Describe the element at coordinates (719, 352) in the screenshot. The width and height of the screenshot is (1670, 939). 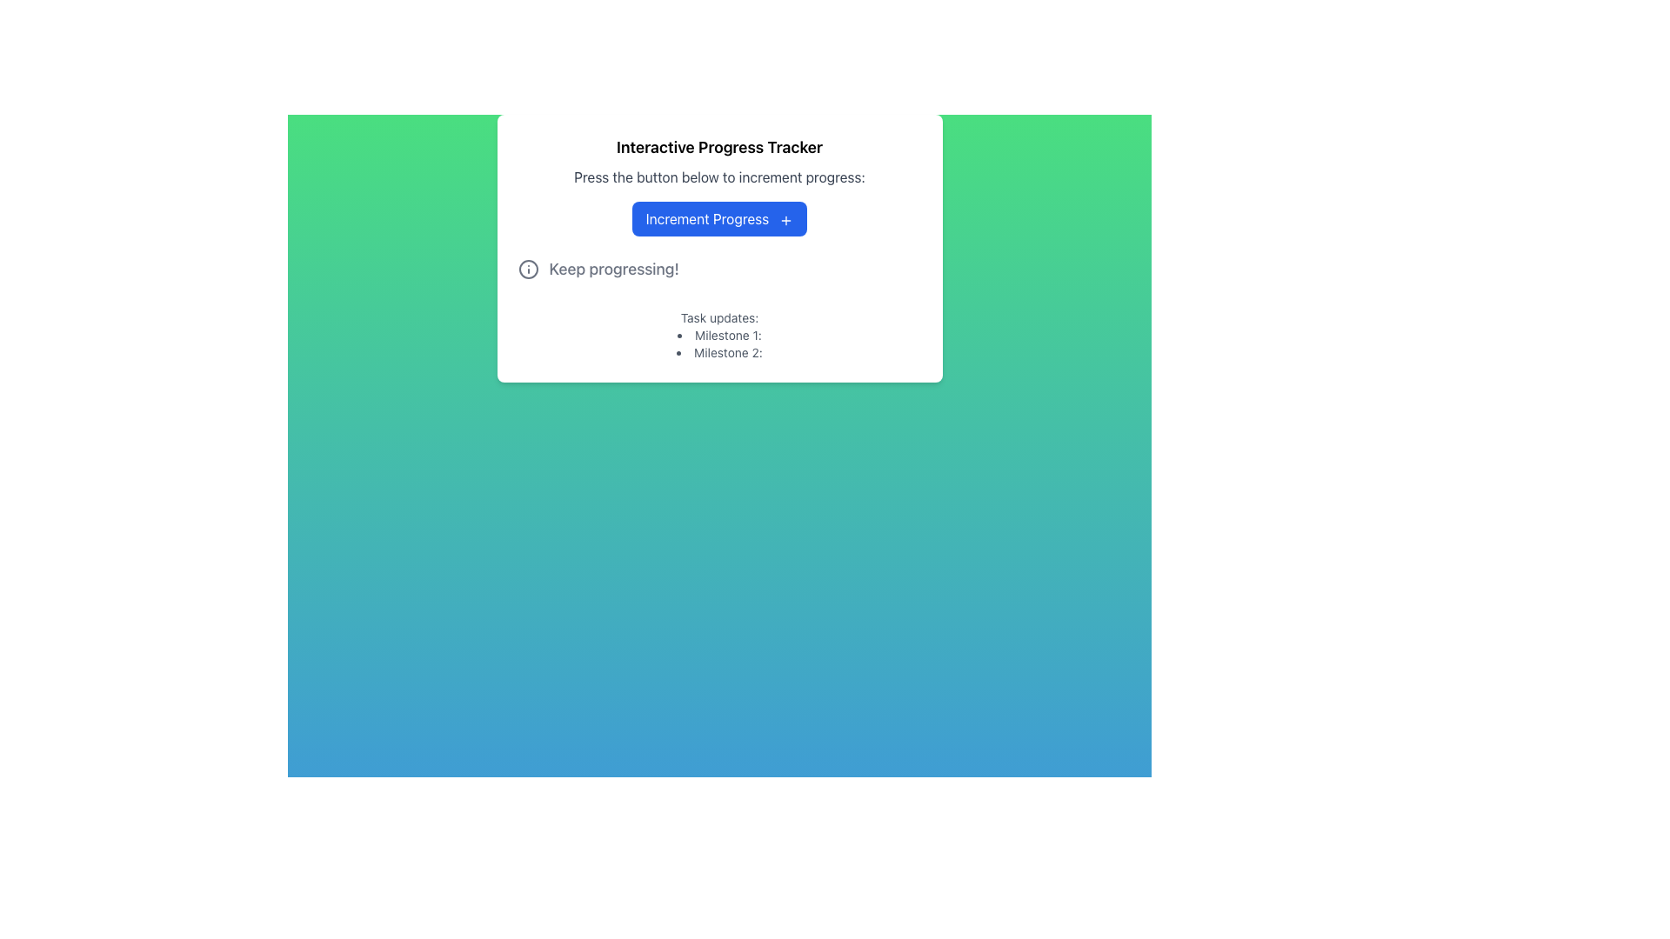
I see `the second item in the vertical list that serves as a descriptive label for a milestone point in progress tracking, located below 'Task updates:' and preceded by 'Milestone 1:'` at that location.